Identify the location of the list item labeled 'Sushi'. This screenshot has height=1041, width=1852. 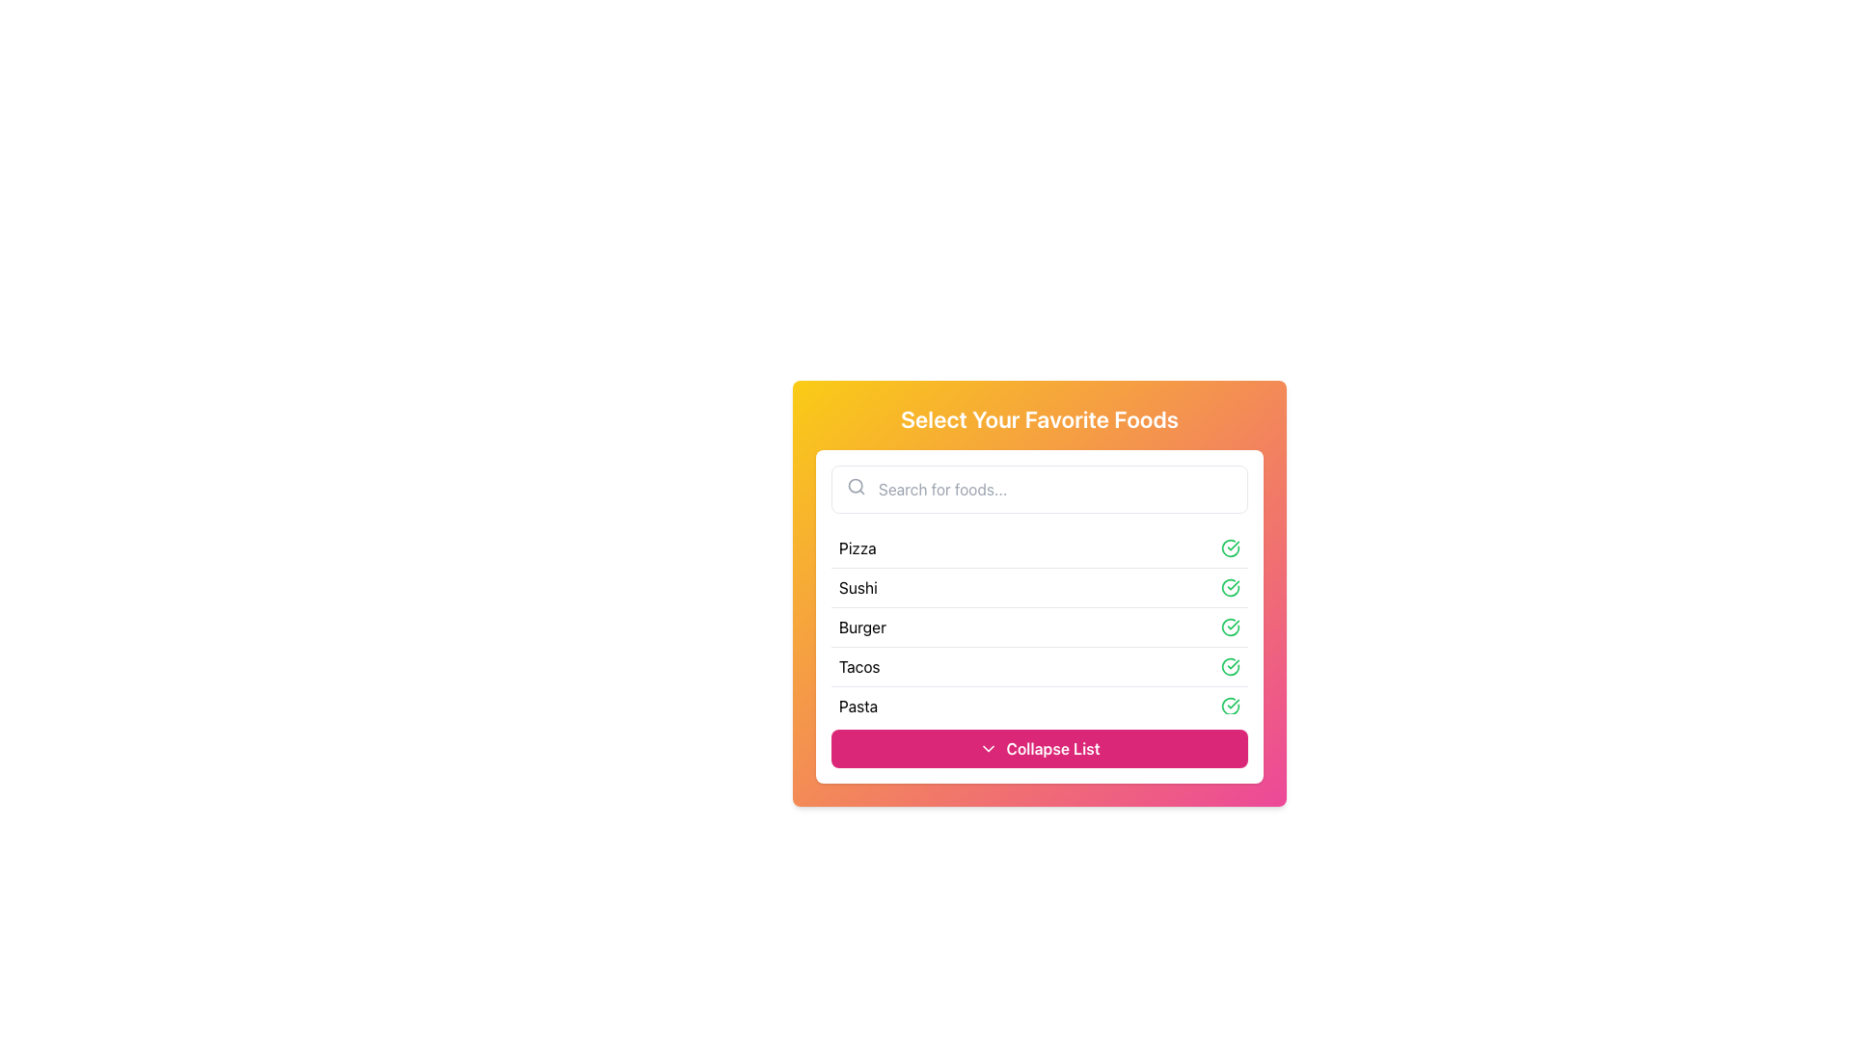
(1039, 587).